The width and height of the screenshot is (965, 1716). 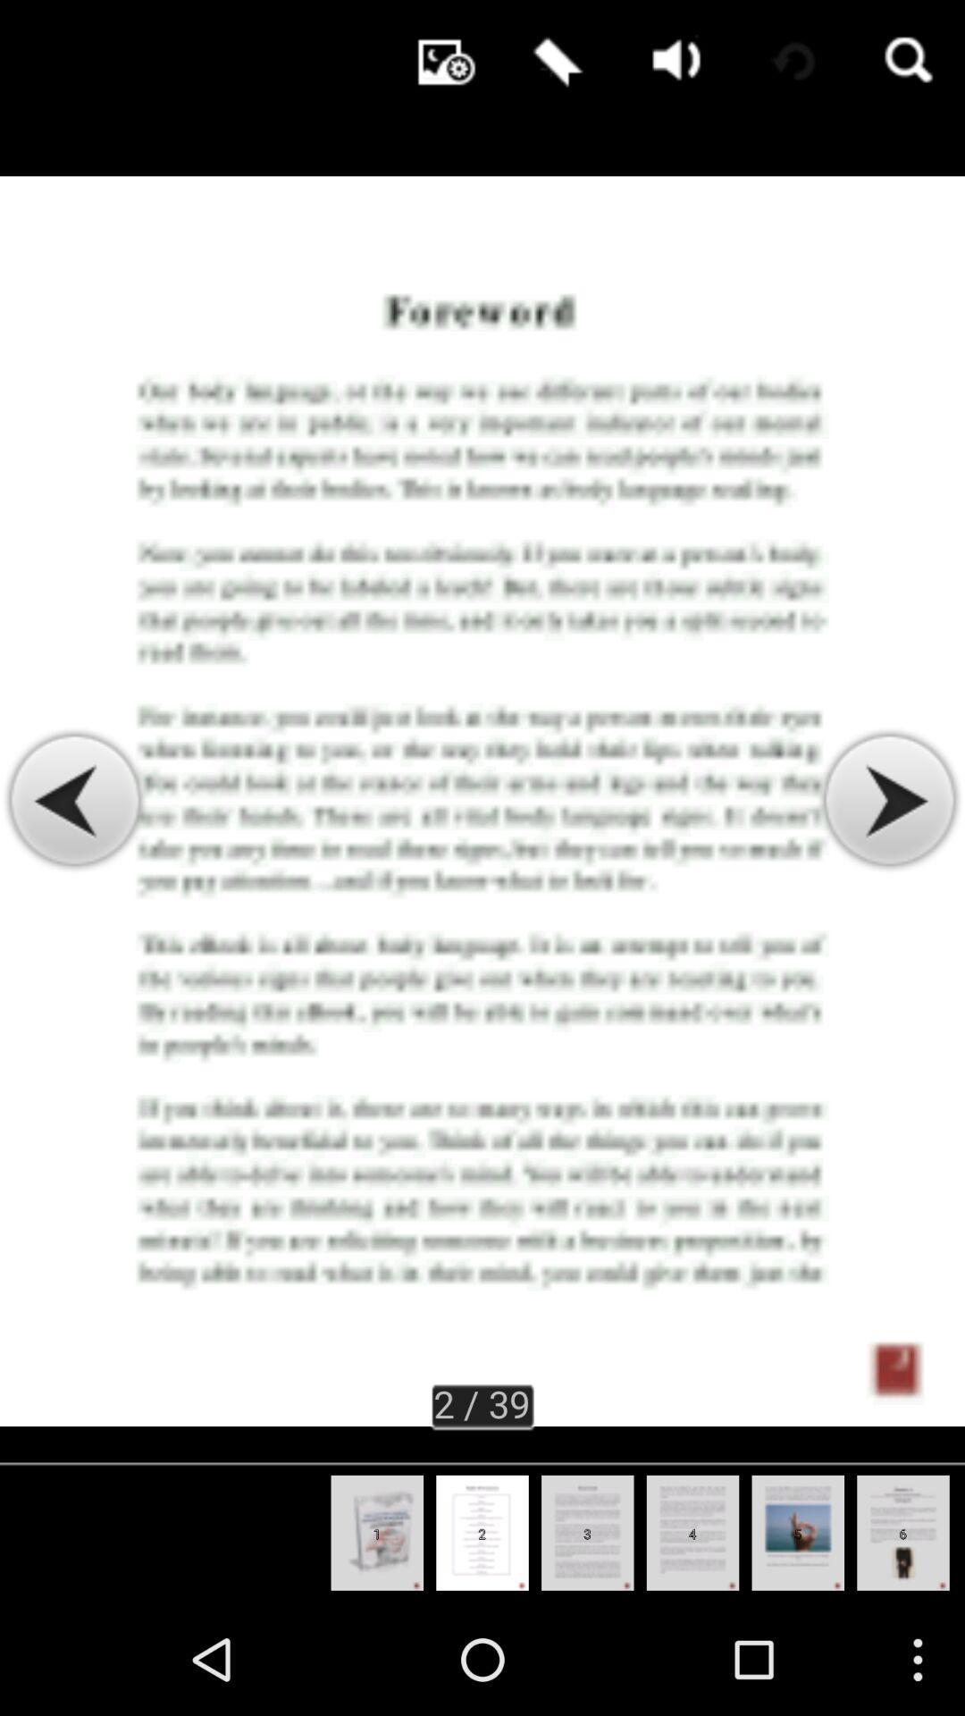 I want to click on the arrow_backward icon, so click(x=74, y=856).